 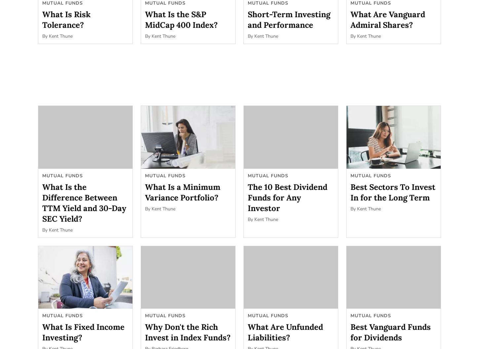 I want to click on 'What Are Unfunded Liabilities?', so click(x=285, y=332).